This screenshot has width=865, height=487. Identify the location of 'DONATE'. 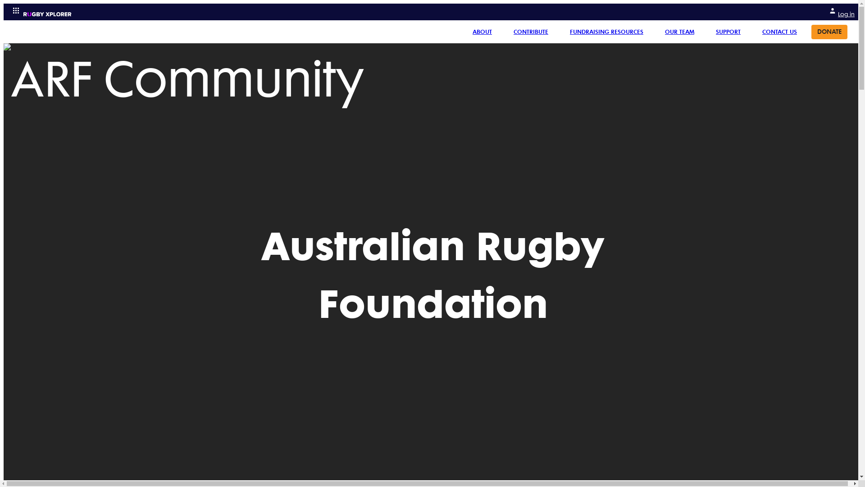
(829, 31).